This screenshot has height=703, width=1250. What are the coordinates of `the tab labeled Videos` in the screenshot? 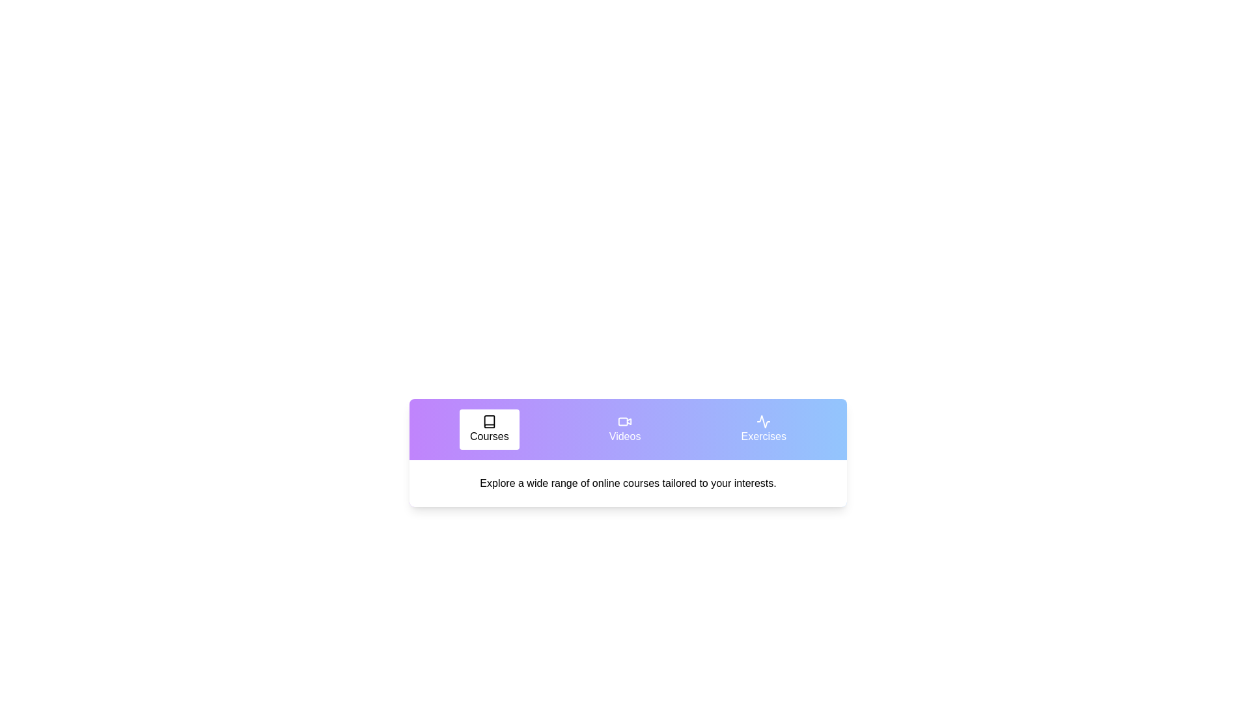 It's located at (625, 429).